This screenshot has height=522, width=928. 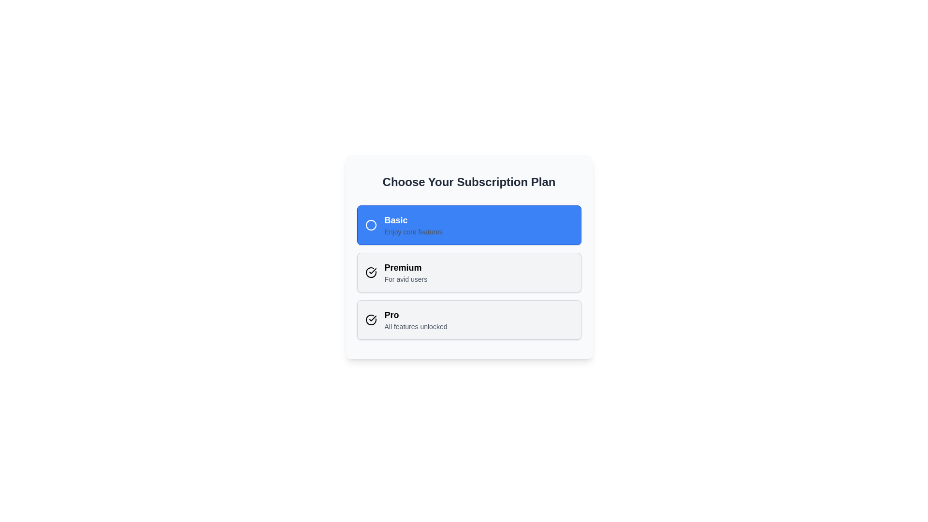 What do you see at coordinates (416, 326) in the screenshot?
I see `the static text label that describes the 'Pro' subscription plan, located below the 'Pro' title text` at bounding box center [416, 326].